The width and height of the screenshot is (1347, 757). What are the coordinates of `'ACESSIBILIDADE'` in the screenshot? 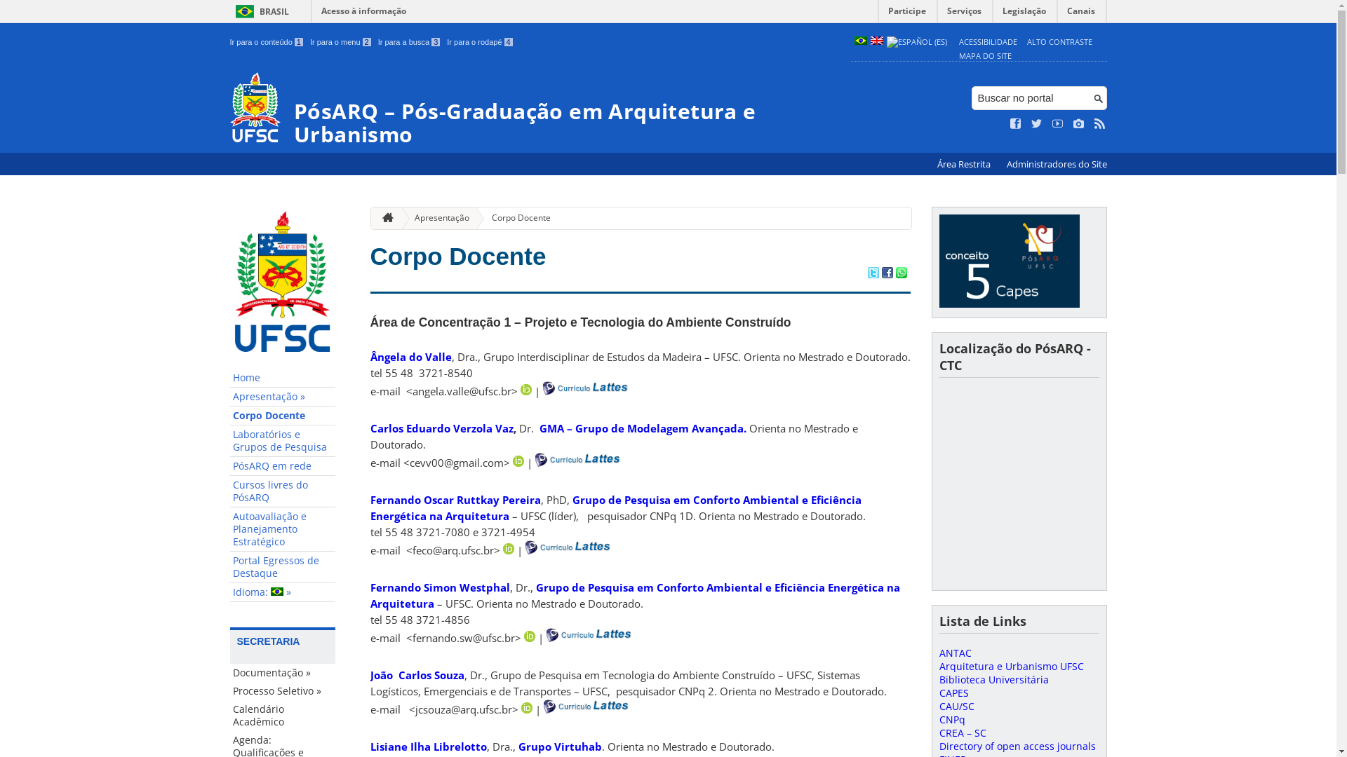 It's located at (987, 41).